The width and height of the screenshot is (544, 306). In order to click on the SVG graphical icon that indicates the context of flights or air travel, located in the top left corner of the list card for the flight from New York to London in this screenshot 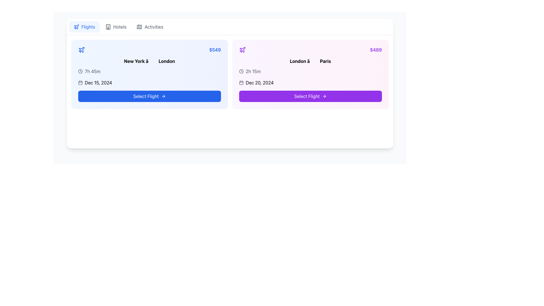, I will do `click(81, 49)`.